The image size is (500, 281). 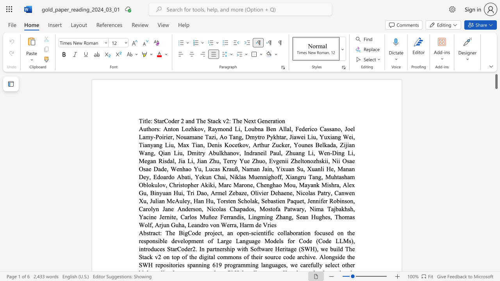 I want to click on the side scrollbar to bring the page down, so click(x=496, y=167).